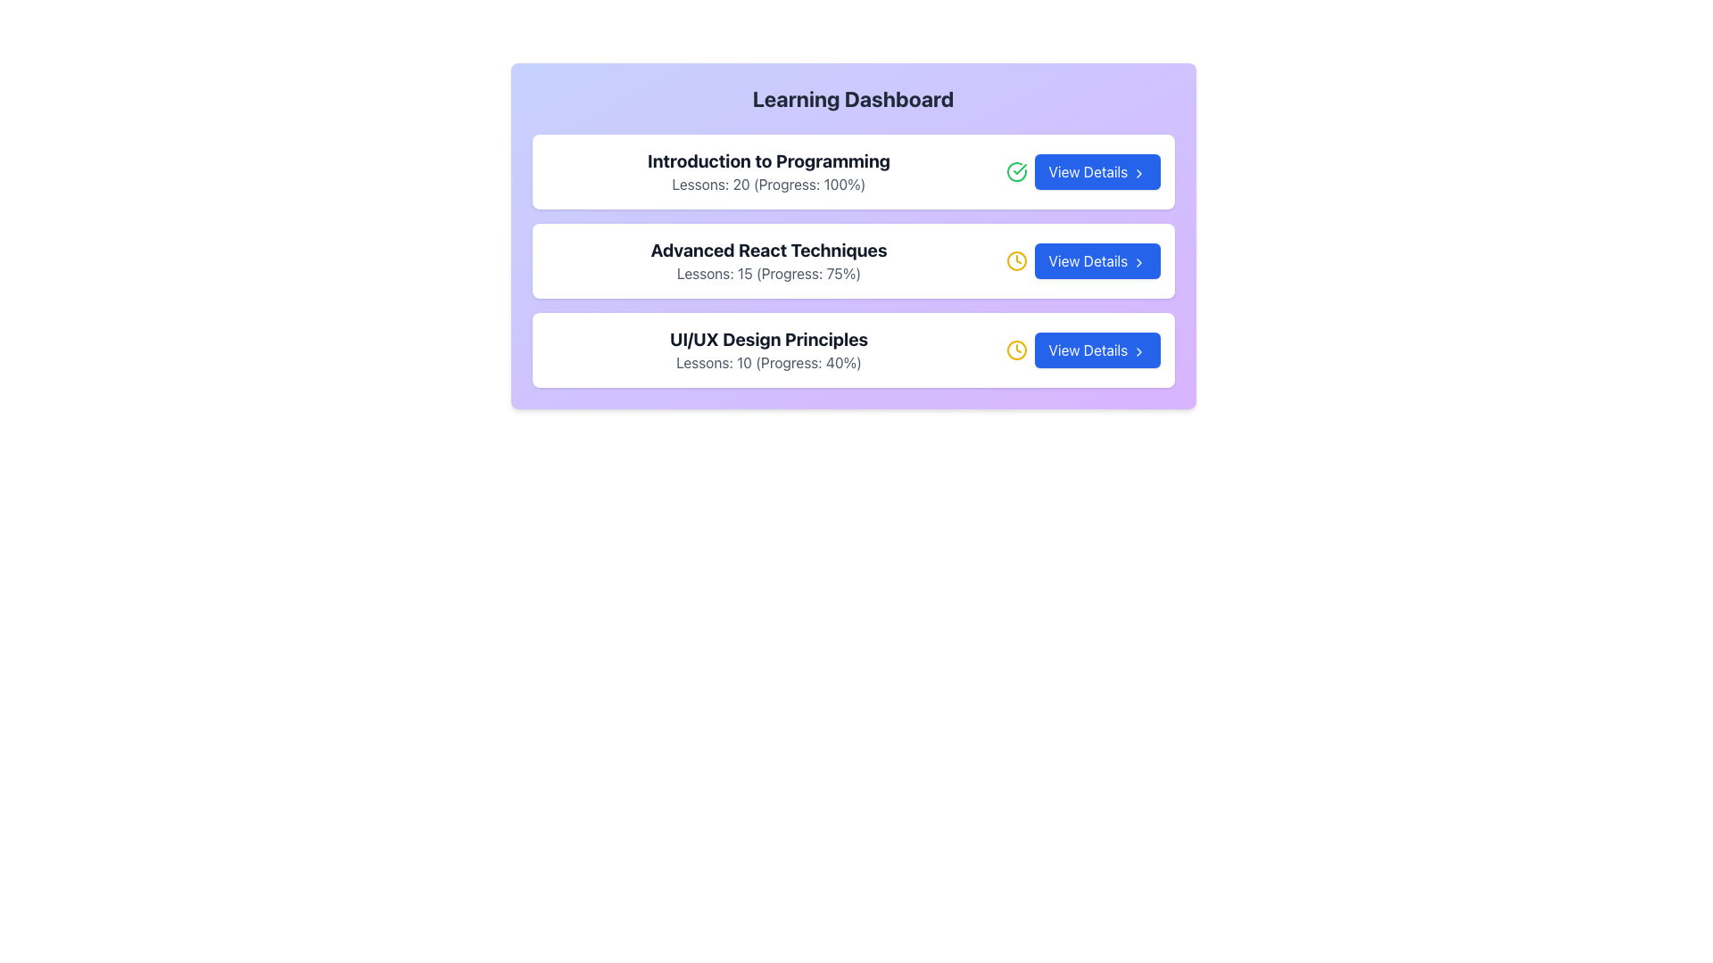 The image size is (1713, 963). Describe the element at coordinates (1138, 262) in the screenshot. I see `the chevron icon located at the rightmost part of the 'View Details' button` at that location.